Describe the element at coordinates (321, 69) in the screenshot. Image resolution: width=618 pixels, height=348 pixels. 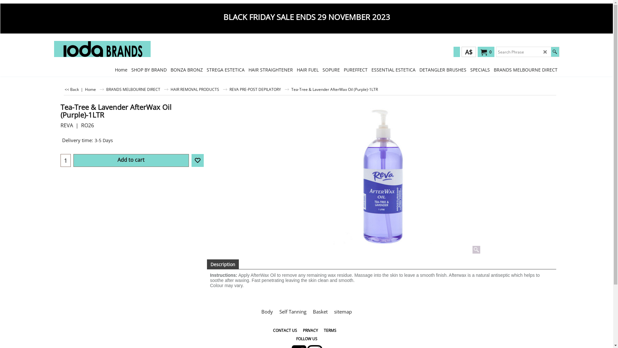
I see `'SOPURE'` at that location.